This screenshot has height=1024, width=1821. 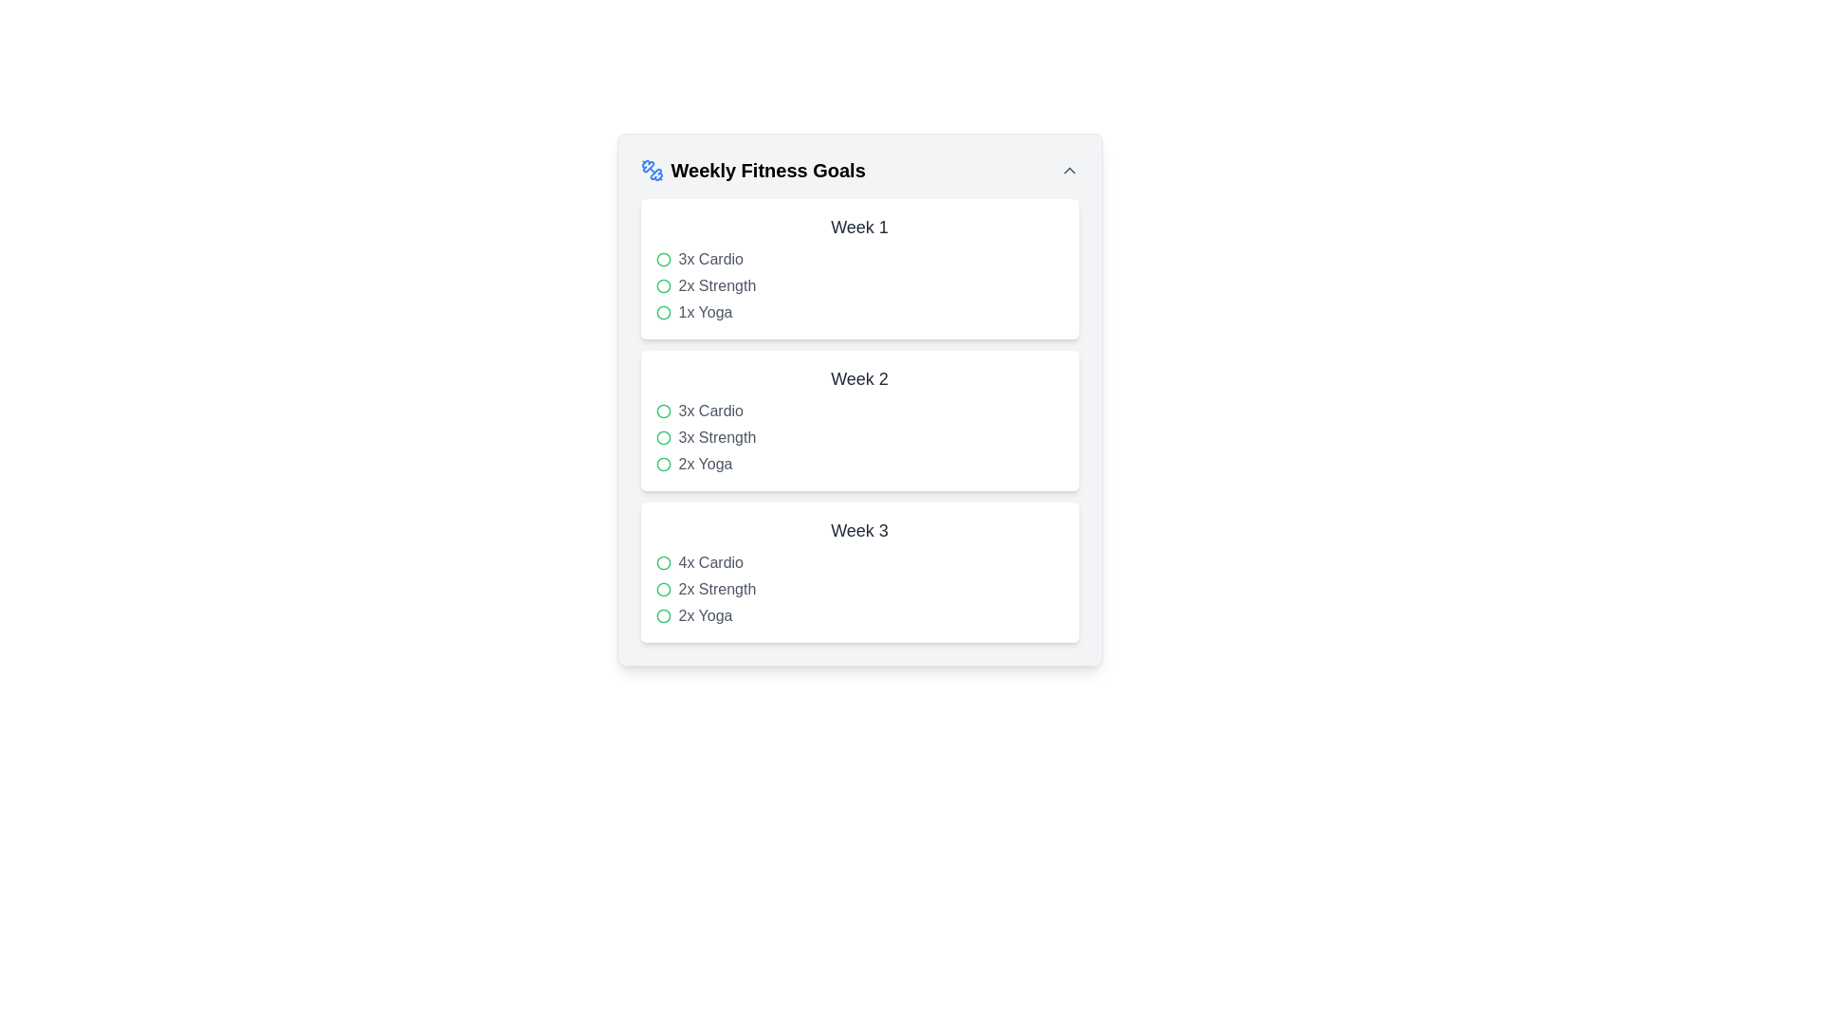 I want to click on the header element that displays 'Weekly Fitness Goals' in bold, large font, accompanied by a blue dumbbell icon, located in the top-left section of the interface, so click(x=752, y=171).